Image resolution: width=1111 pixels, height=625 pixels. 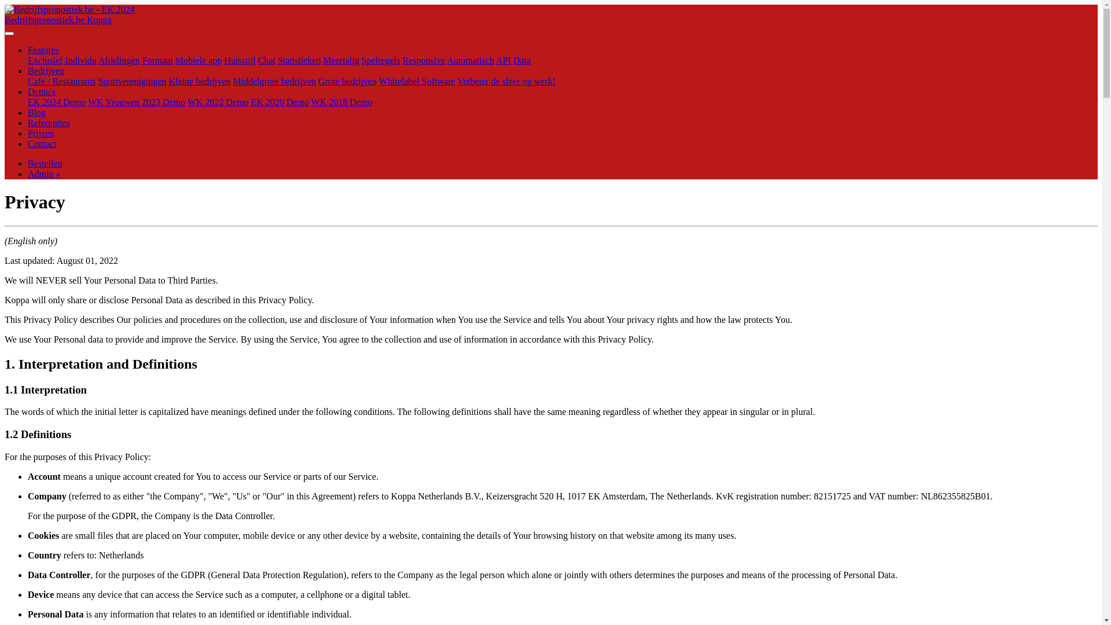 I want to click on 'Bedrijven', so click(x=46, y=71).